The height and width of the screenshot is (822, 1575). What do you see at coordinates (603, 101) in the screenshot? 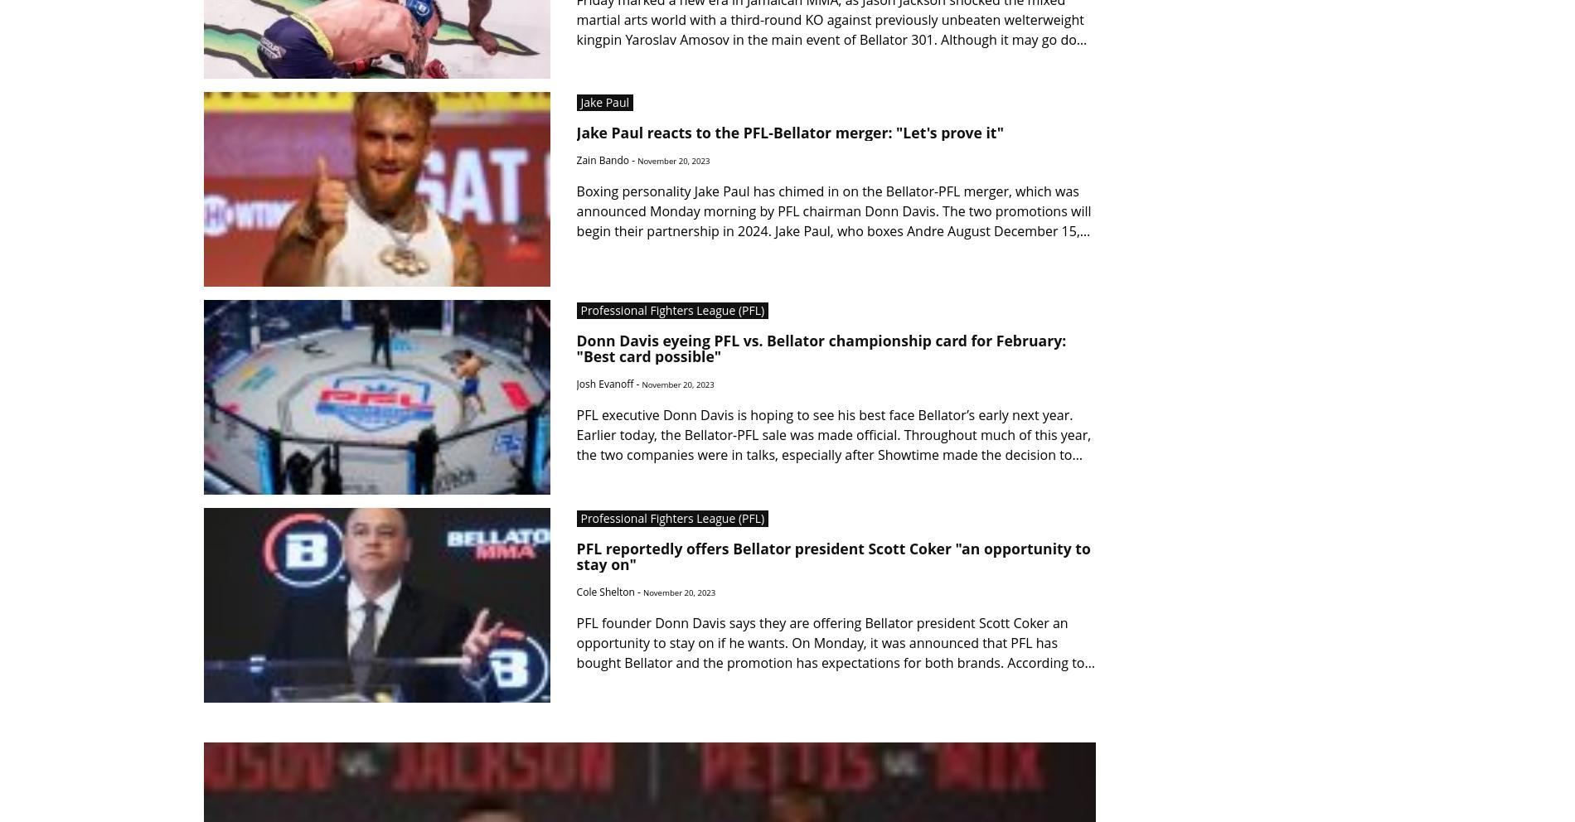
I see `'Jake Paul'` at bounding box center [603, 101].